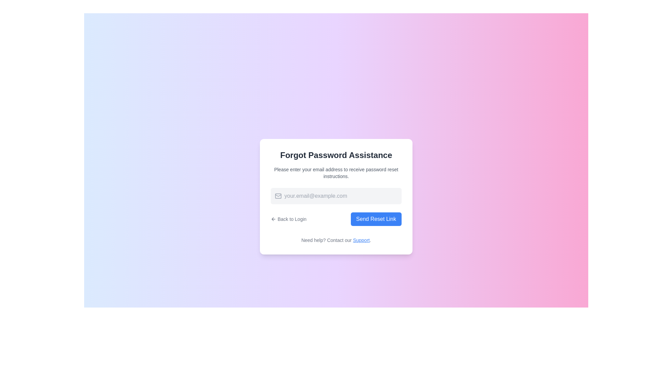  Describe the element at coordinates (336, 240) in the screenshot. I see `the blue underlined word 'Support' in the text phrase at the bottom of the 'Forgot Password Assistance' card` at that location.